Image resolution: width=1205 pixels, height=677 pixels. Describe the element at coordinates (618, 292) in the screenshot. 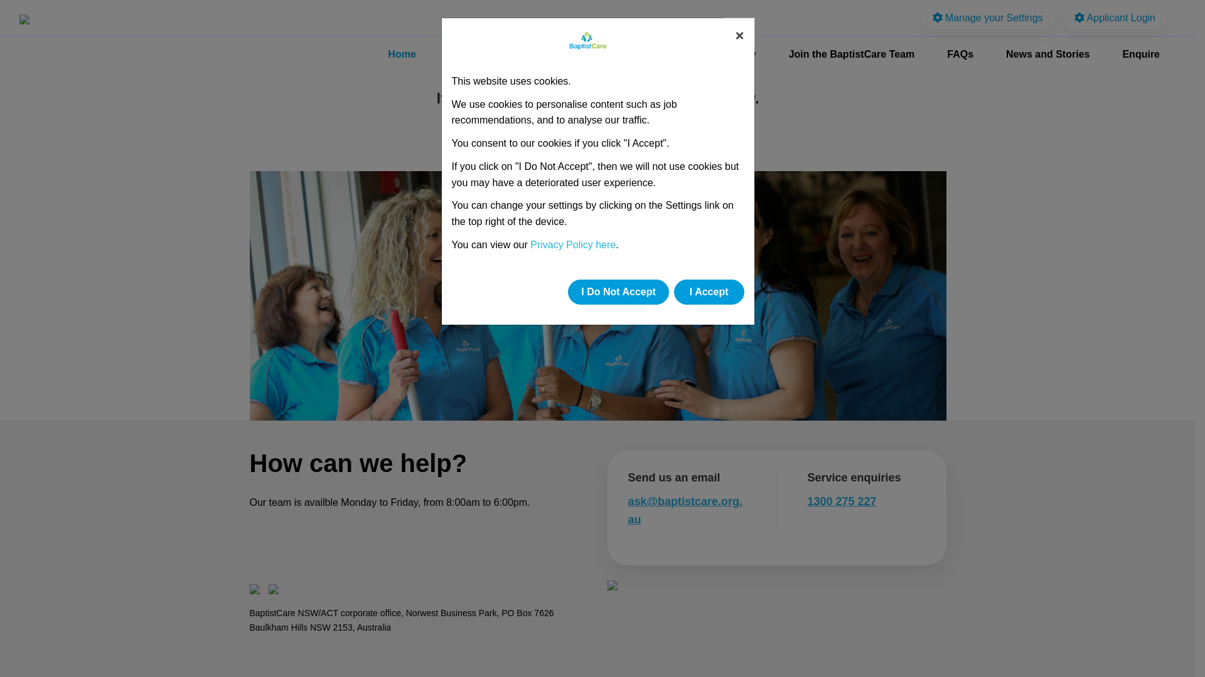

I see `'I Do Not Accept'` at that location.